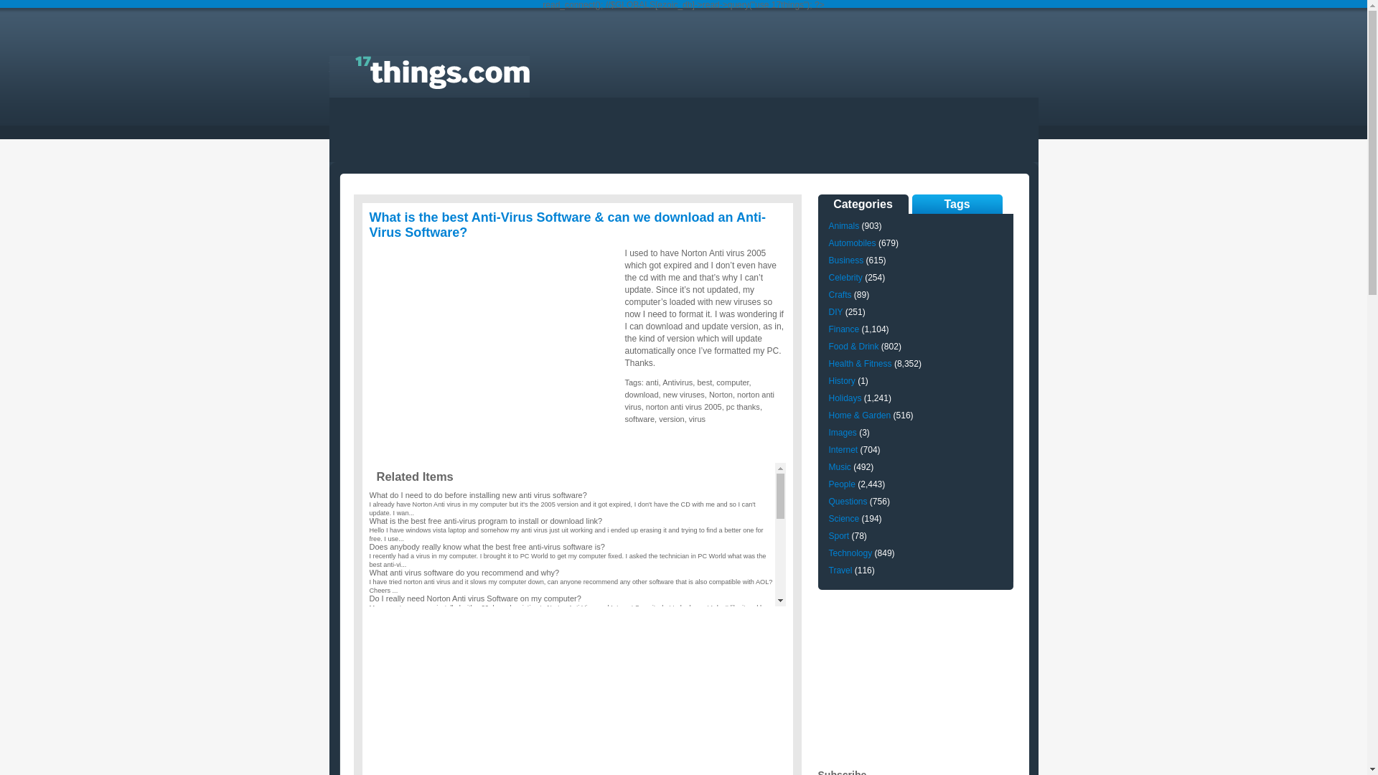  What do you see at coordinates (624, 395) in the screenshot?
I see `'download'` at bounding box center [624, 395].